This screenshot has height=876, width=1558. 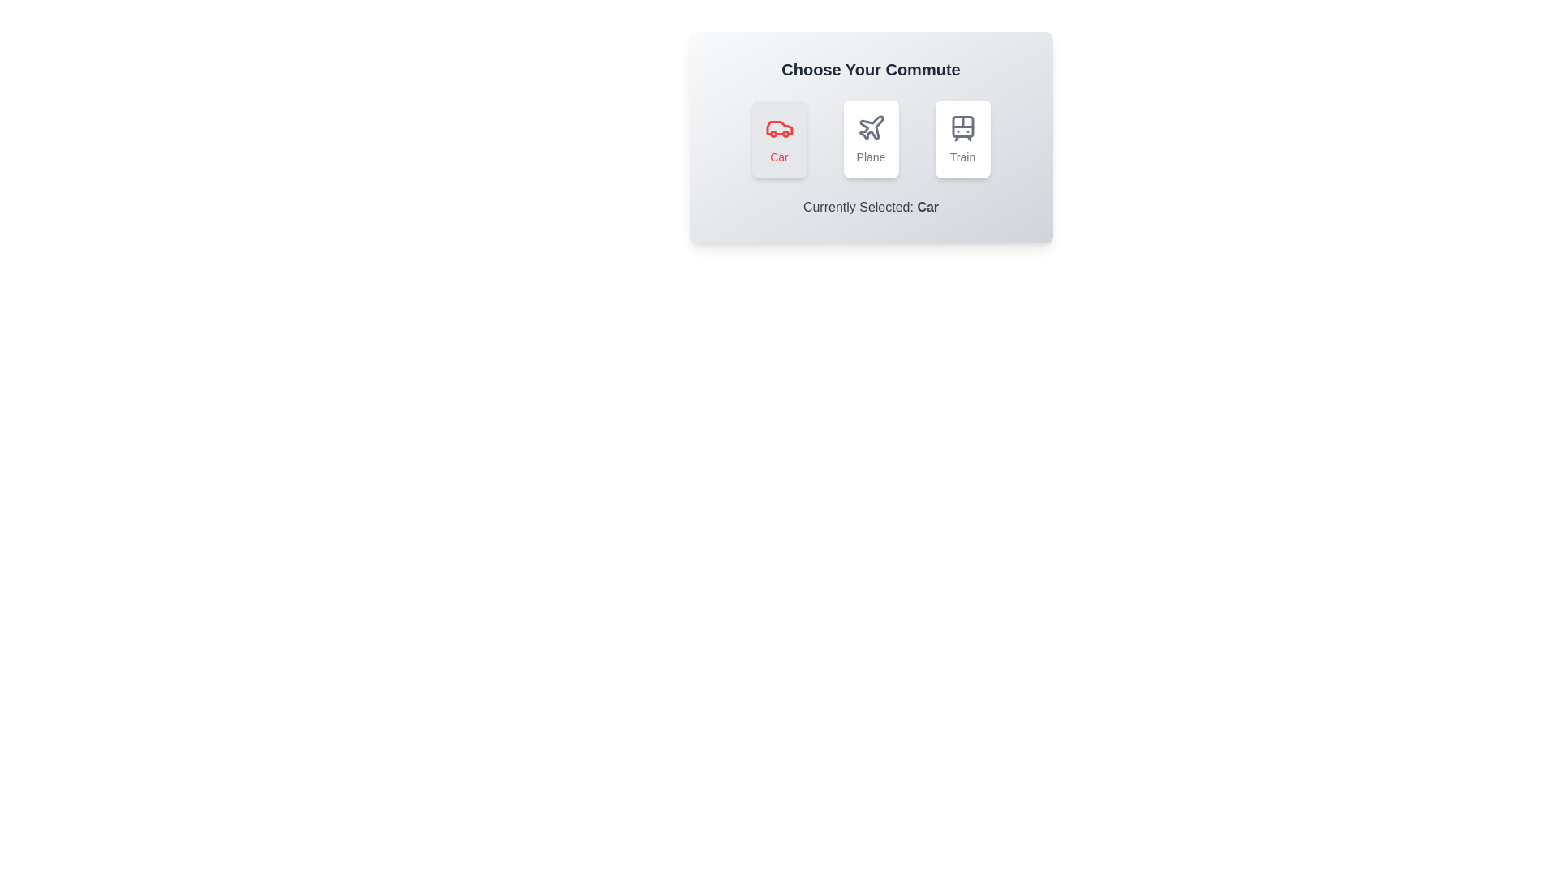 I want to click on the icon representing Car to observe its hover effect, so click(x=779, y=139).